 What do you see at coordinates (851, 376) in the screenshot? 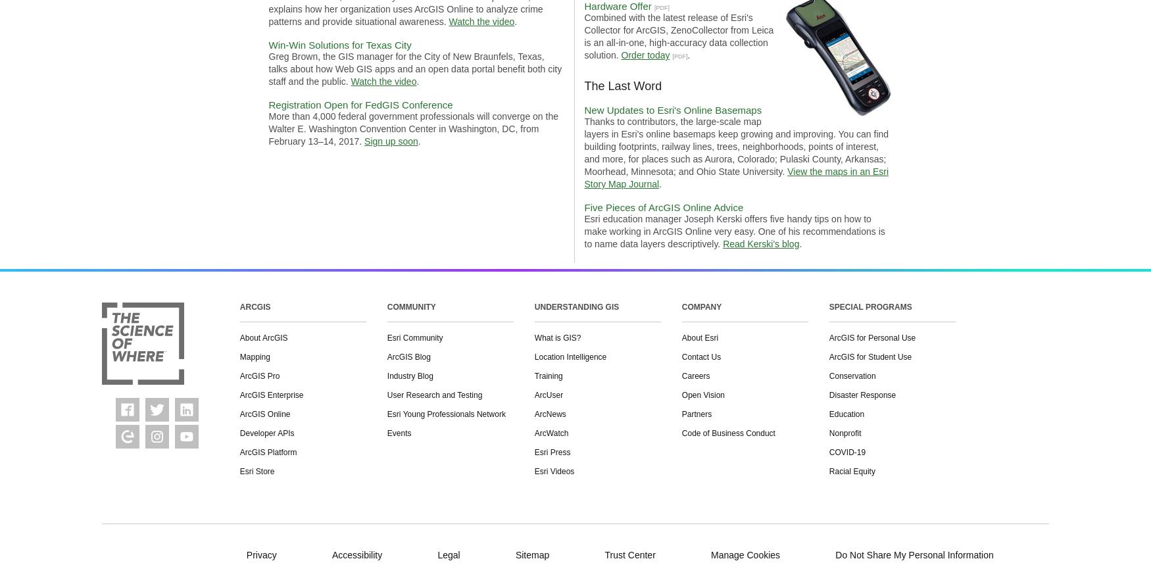
I see `'Conservation'` at bounding box center [851, 376].